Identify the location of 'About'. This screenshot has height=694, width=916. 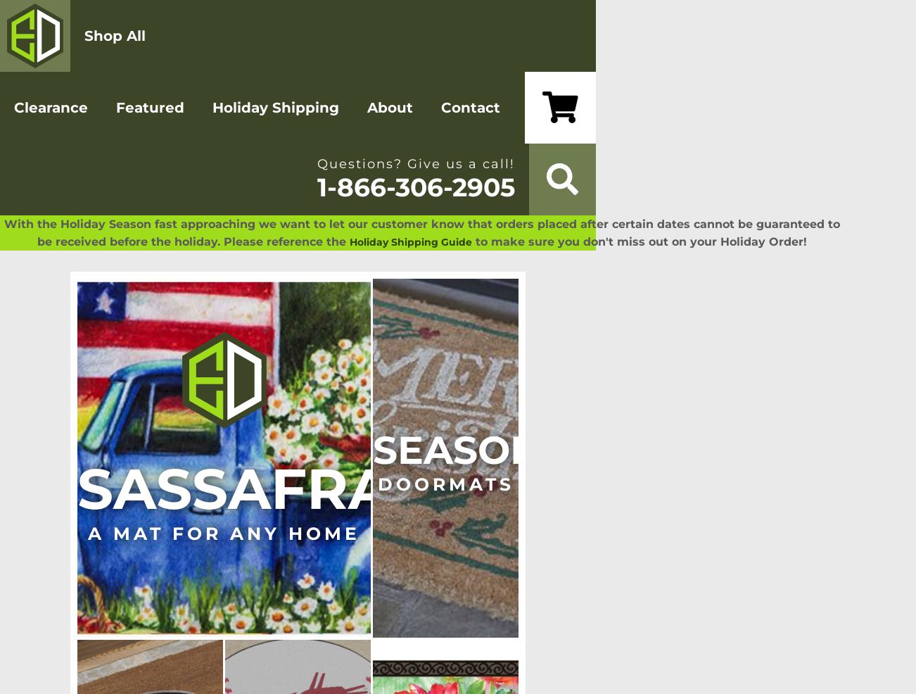
(390, 108).